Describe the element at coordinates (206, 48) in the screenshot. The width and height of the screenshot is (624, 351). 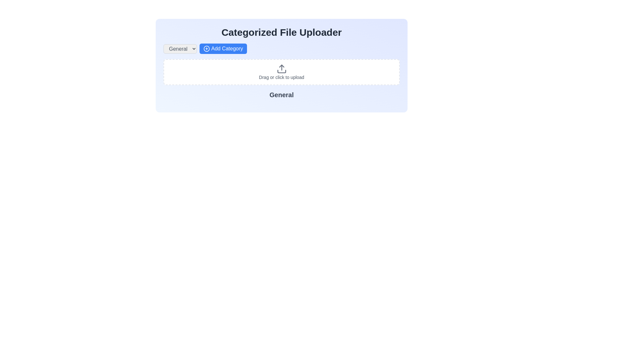
I see `the circular icon with a '+' symbol located to the left of the 'Add Category' button` at that location.